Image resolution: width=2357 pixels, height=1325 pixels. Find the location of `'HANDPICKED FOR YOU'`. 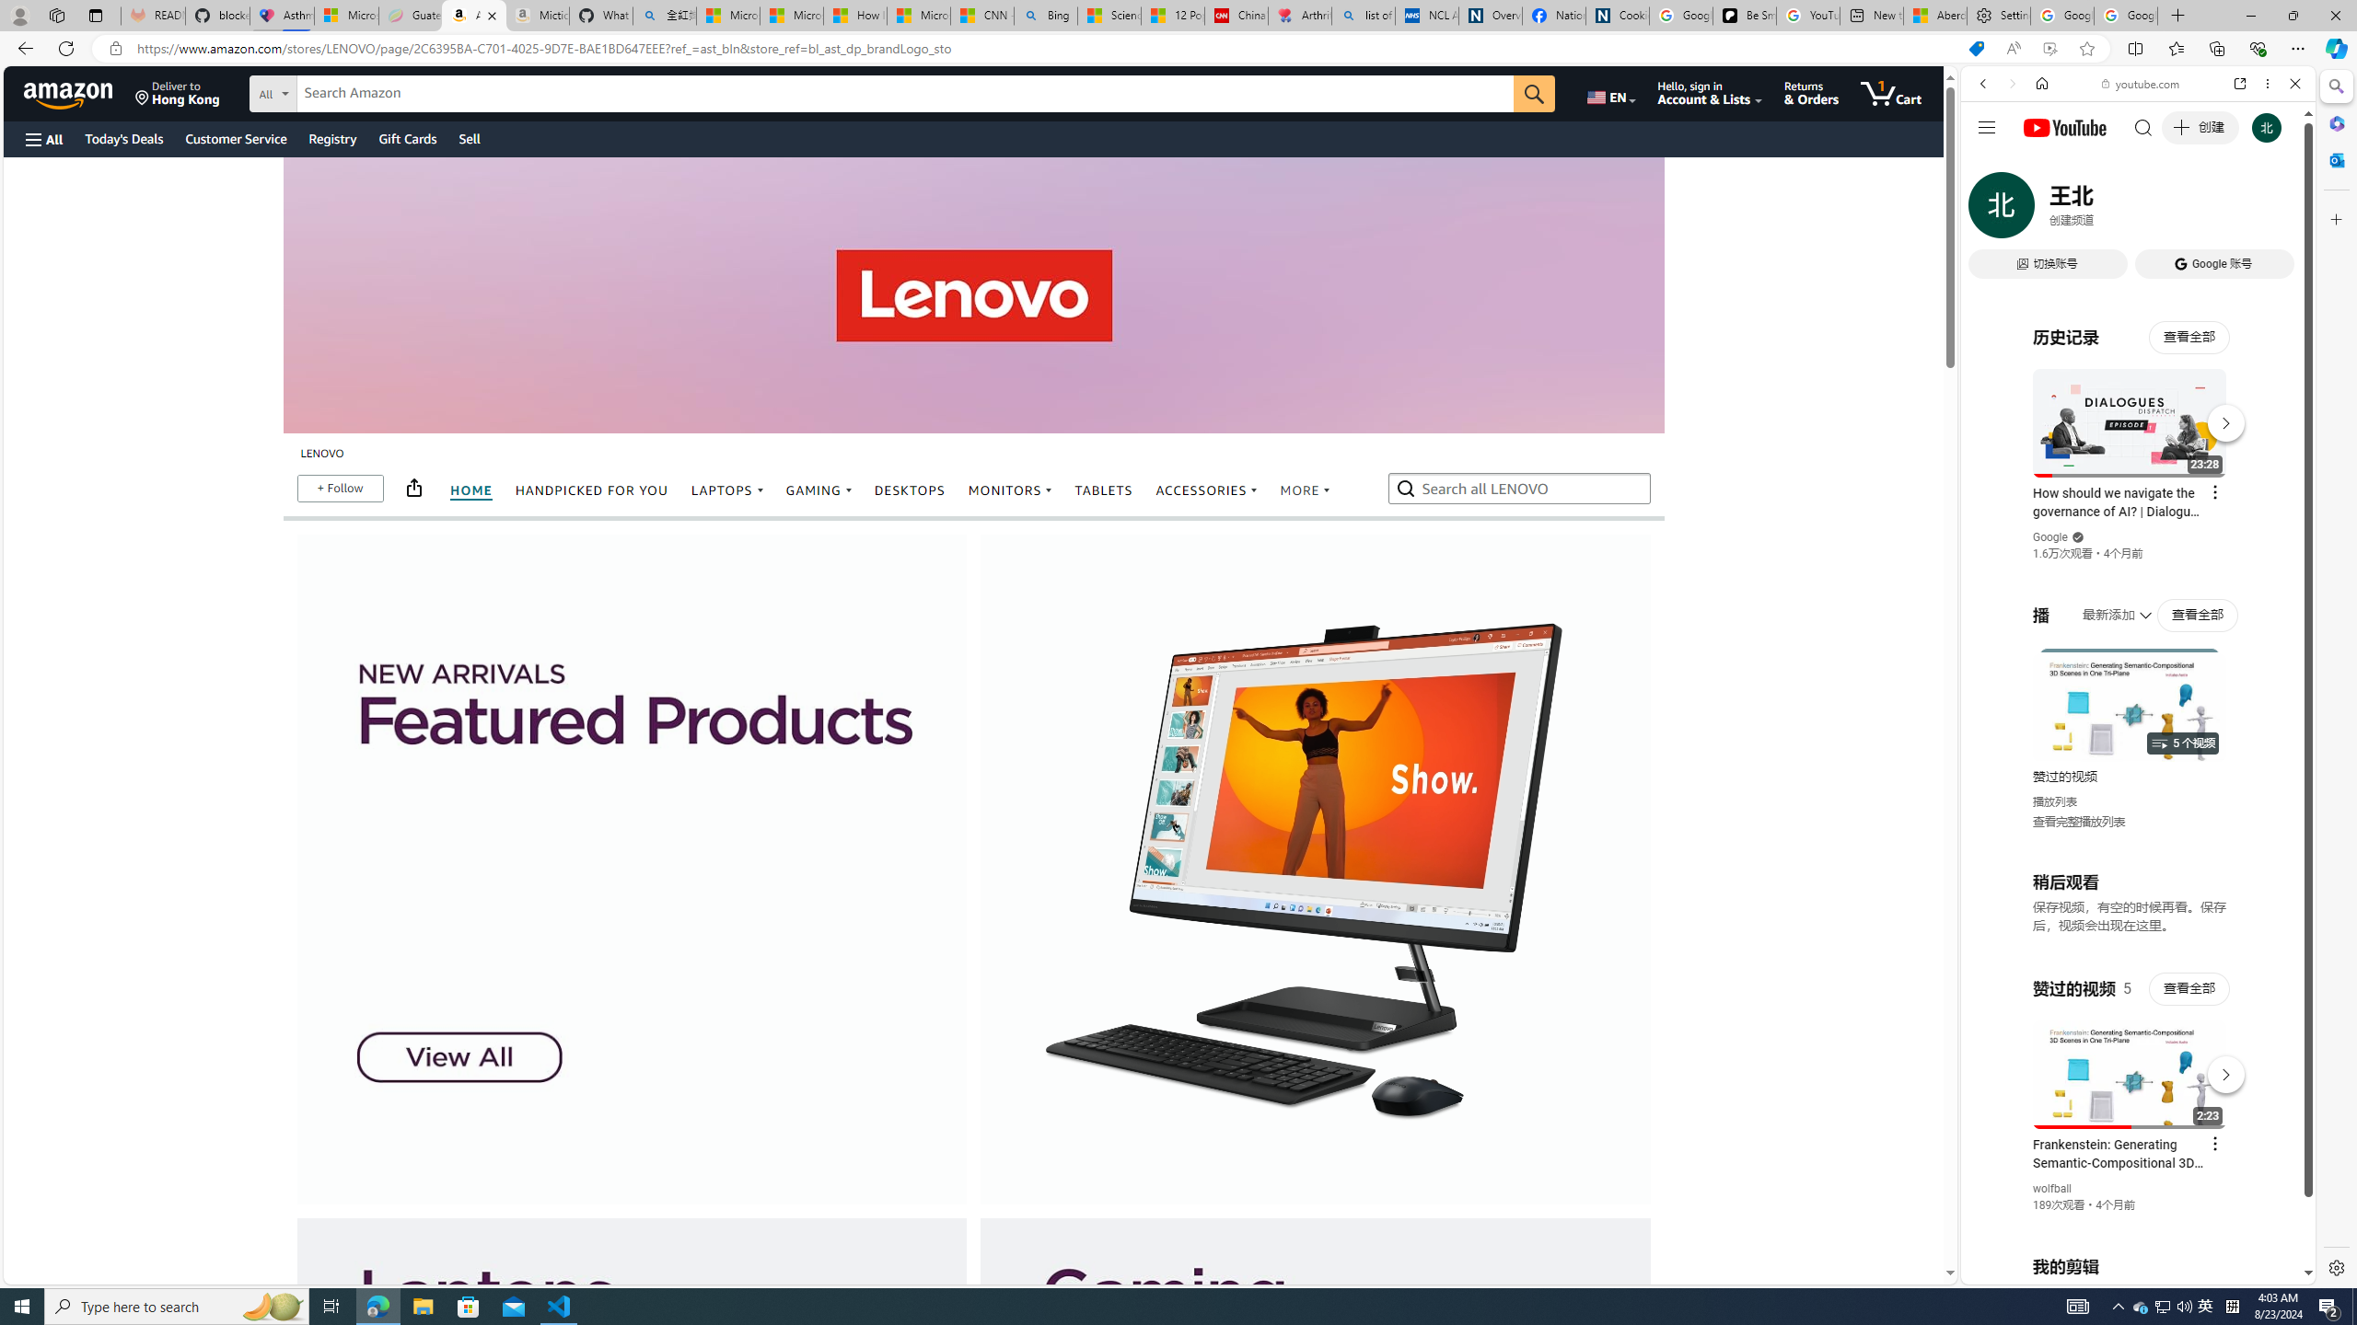

'HANDPICKED FOR YOU' is located at coordinates (592, 490).